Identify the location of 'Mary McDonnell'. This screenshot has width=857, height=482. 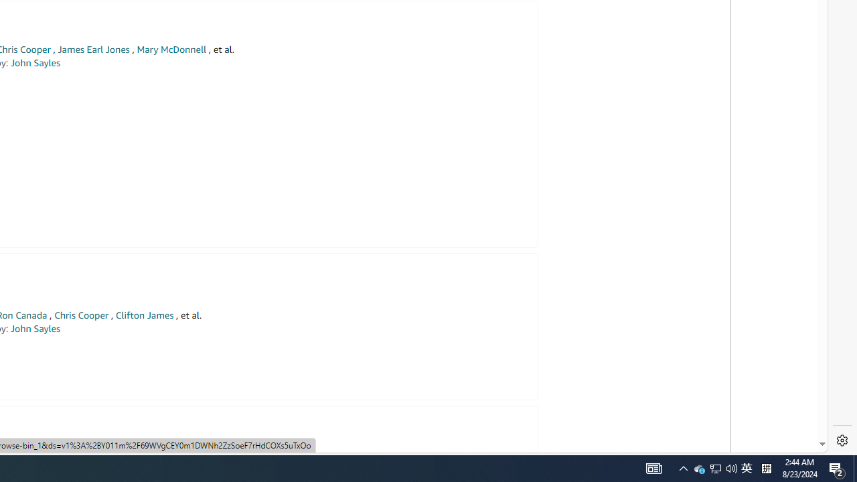
(171, 49).